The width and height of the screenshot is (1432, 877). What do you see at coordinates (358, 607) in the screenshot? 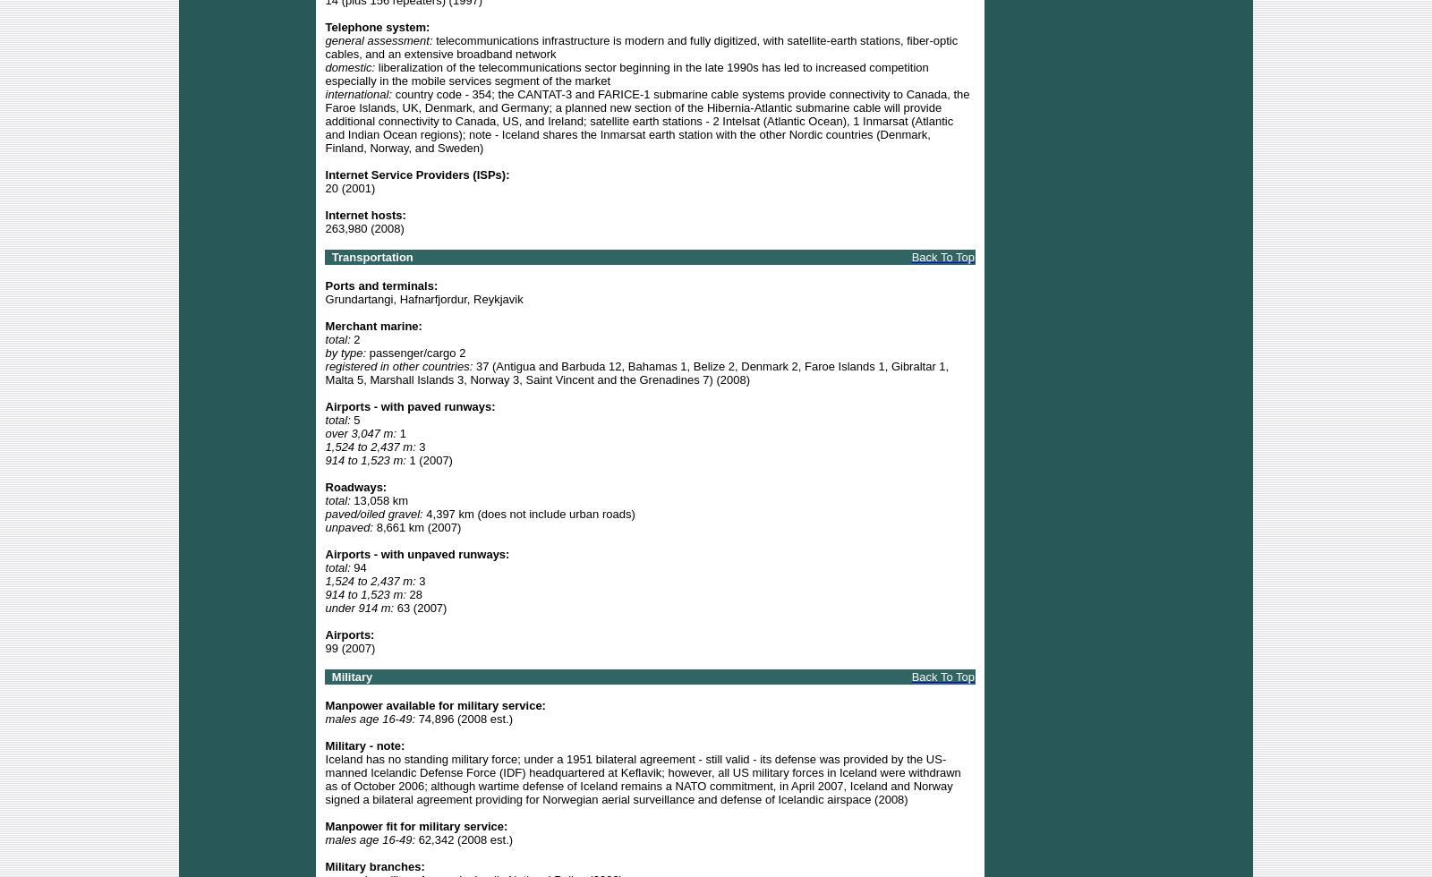
I see `'under 914 m:'` at bounding box center [358, 607].